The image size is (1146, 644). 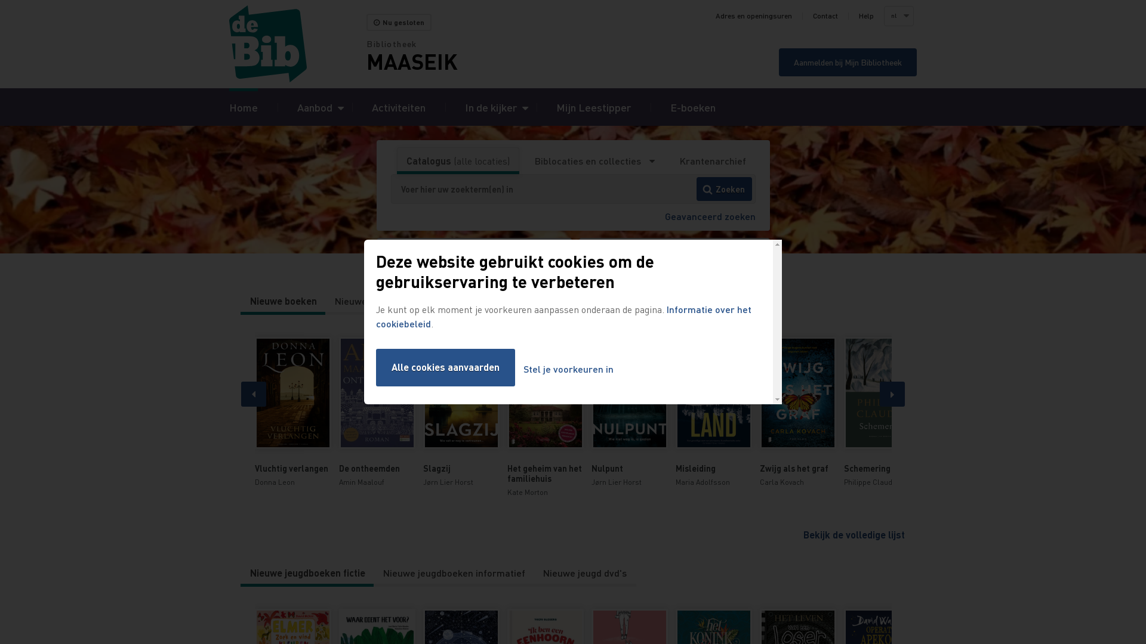 I want to click on 'Krantenarchief', so click(x=713, y=161).